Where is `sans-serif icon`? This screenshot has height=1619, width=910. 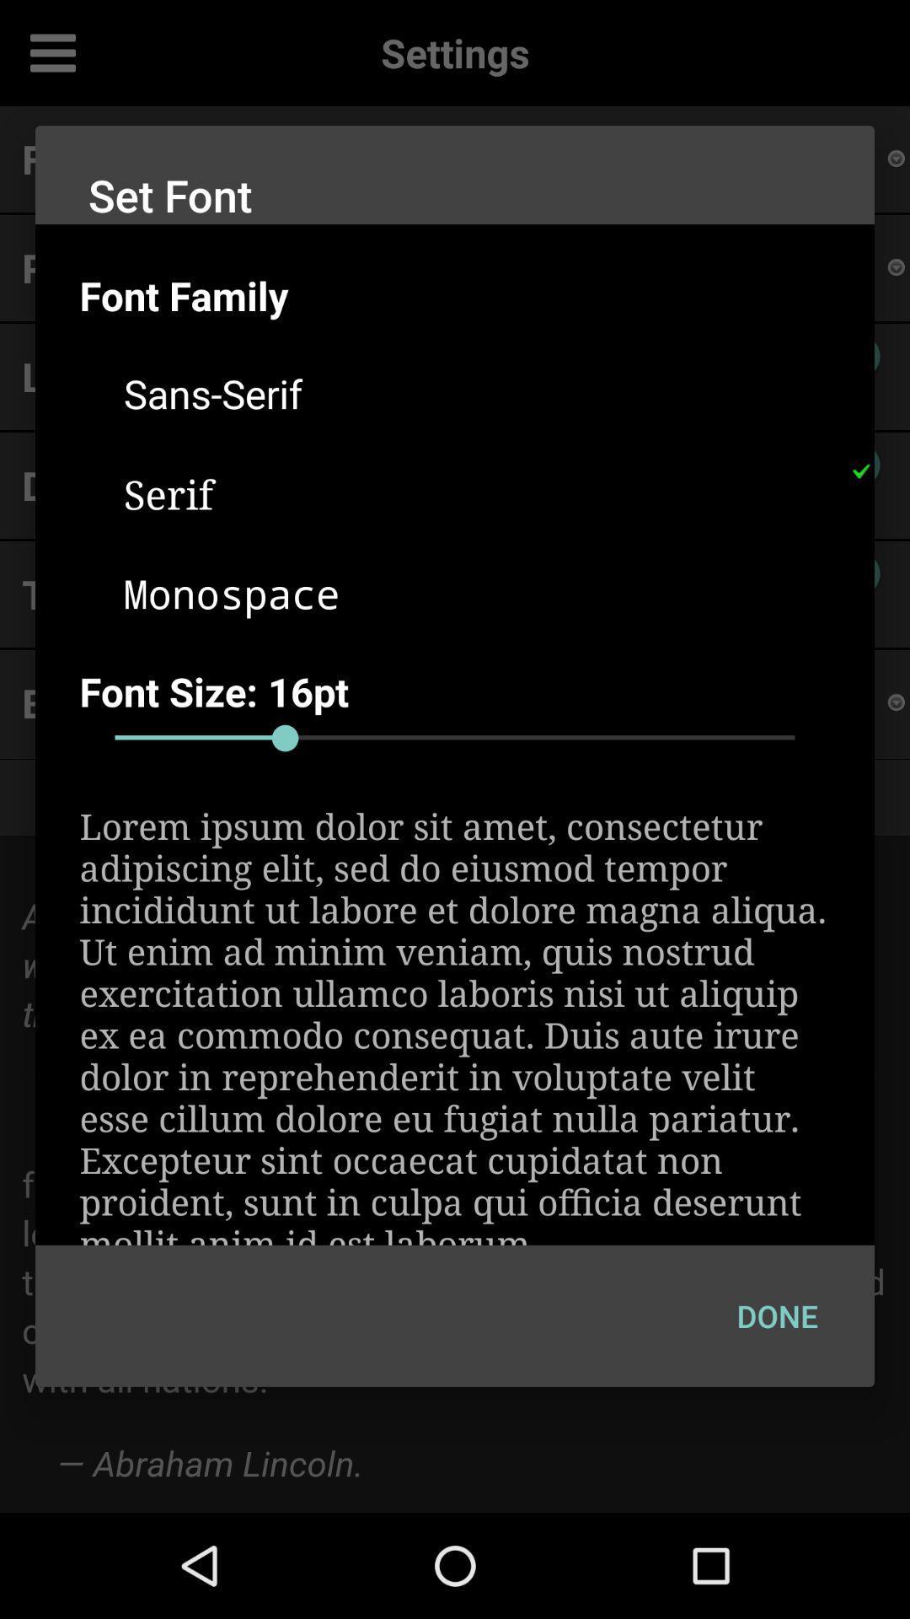 sans-serif icon is located at coordinates (477, 392).